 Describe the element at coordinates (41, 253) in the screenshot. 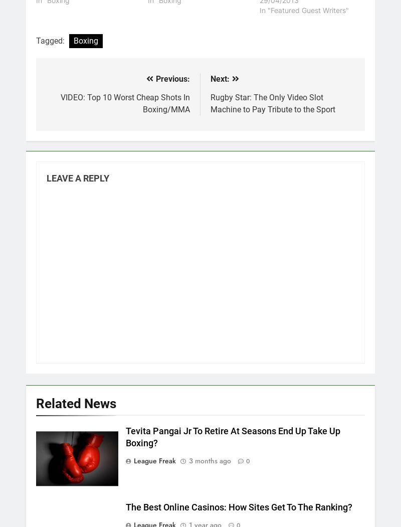

I see `'NRL Tipping Experts'` at that location.